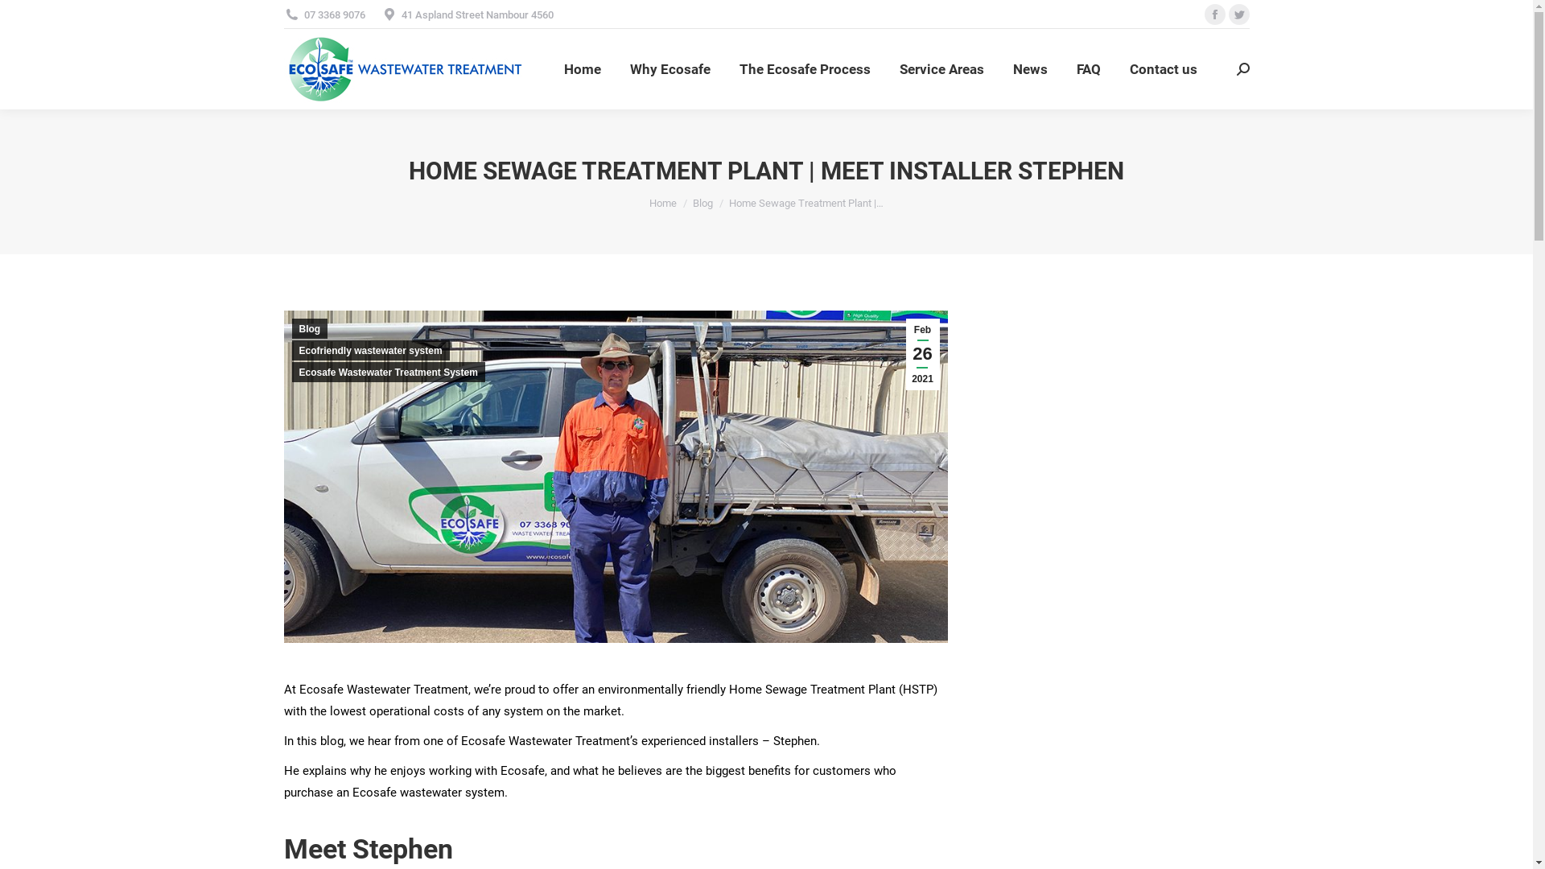  I want to click on 'Home', so click(582, 68).